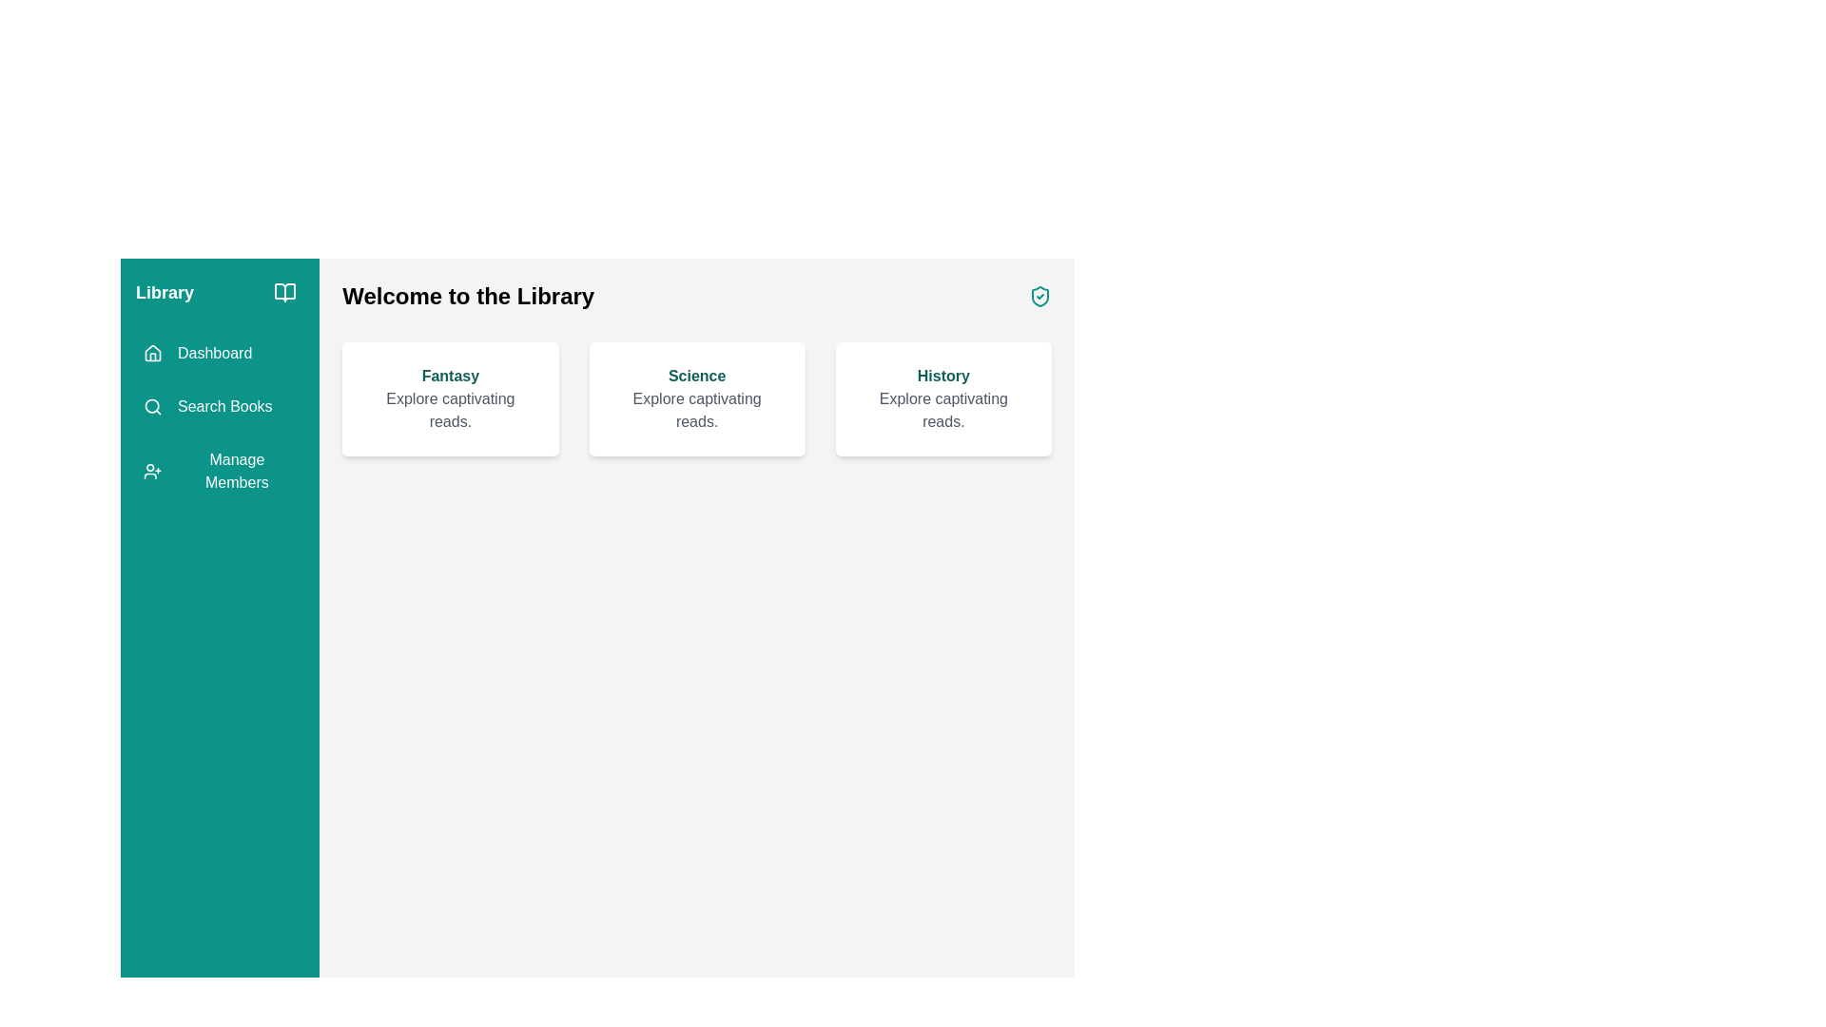 The width and height of the screenshot is (1826, 1027). What do you see at coordinates (449, 377) in the screenshot?
I see `the bold, teal-colored text label reading 'Fantasy' which is styled with a 'font-semibold' class and is located in the first card of a grid layout` at bounding box center [449, 377].